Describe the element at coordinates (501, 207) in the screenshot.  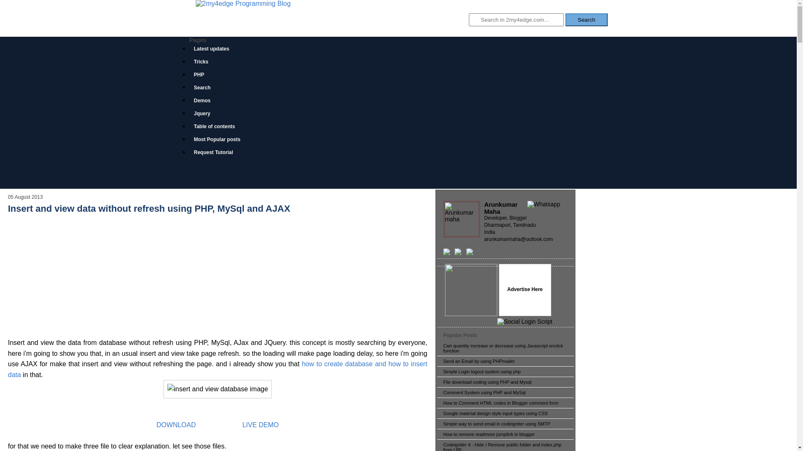
I see `'Arunkumar Maha'` at that location.